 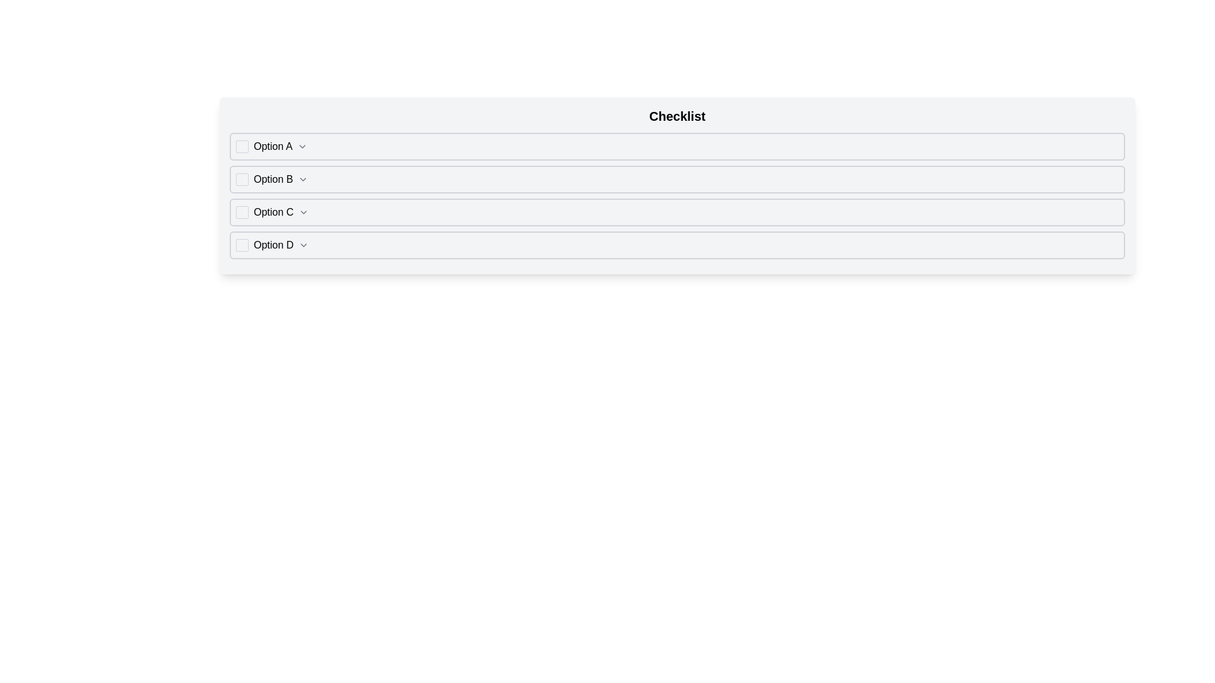 What do you see at coordinates (273, 245) in the screenshot?
I see `the text label displaying 'Option D', which is styled in black sans-serif font and is the fourth item in the checklist` at bounding box center [273, 245].